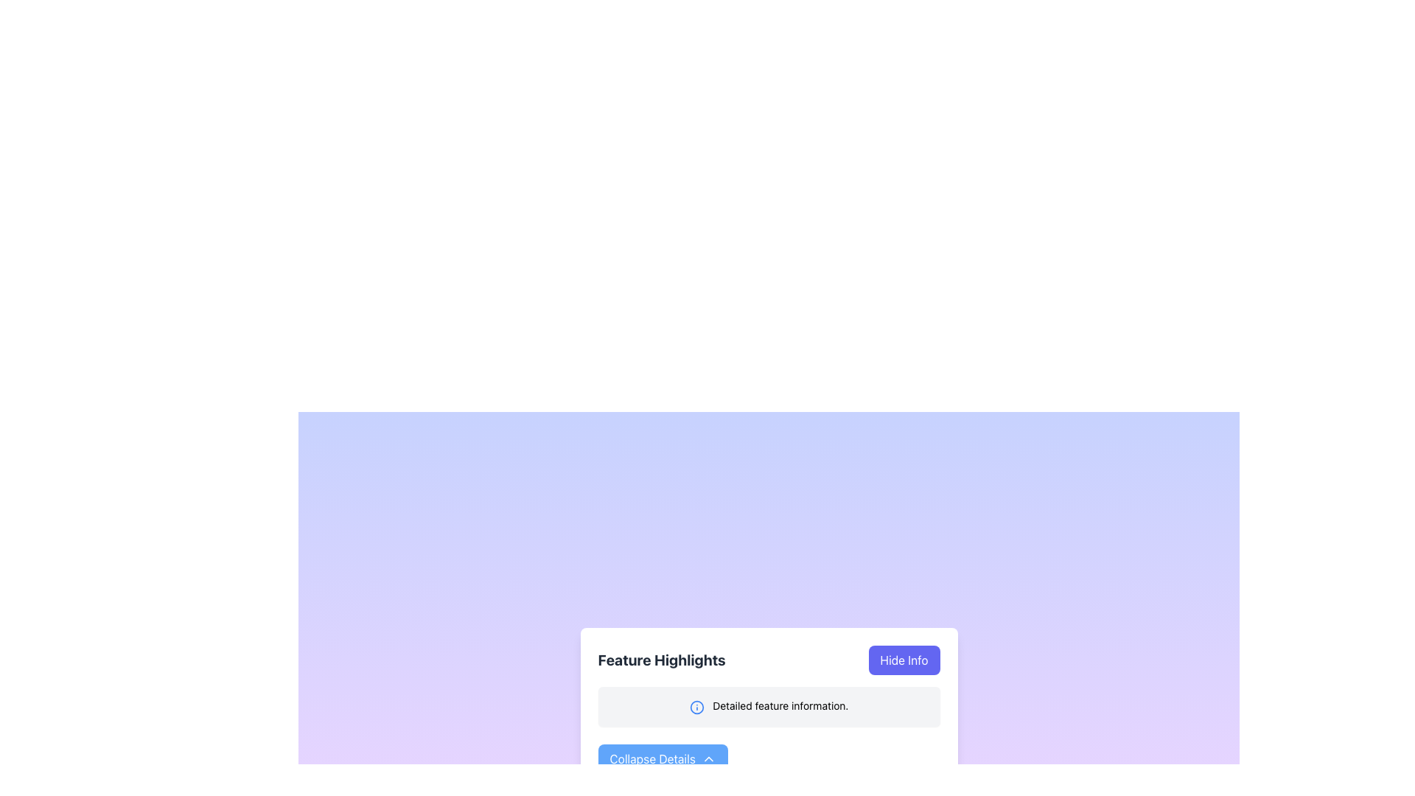 The height and width of the screenshot is (796, 1415). I want to click on the 'Hide Info' button with rounded corners, styled with a purple background and white text, so click(904, 659).